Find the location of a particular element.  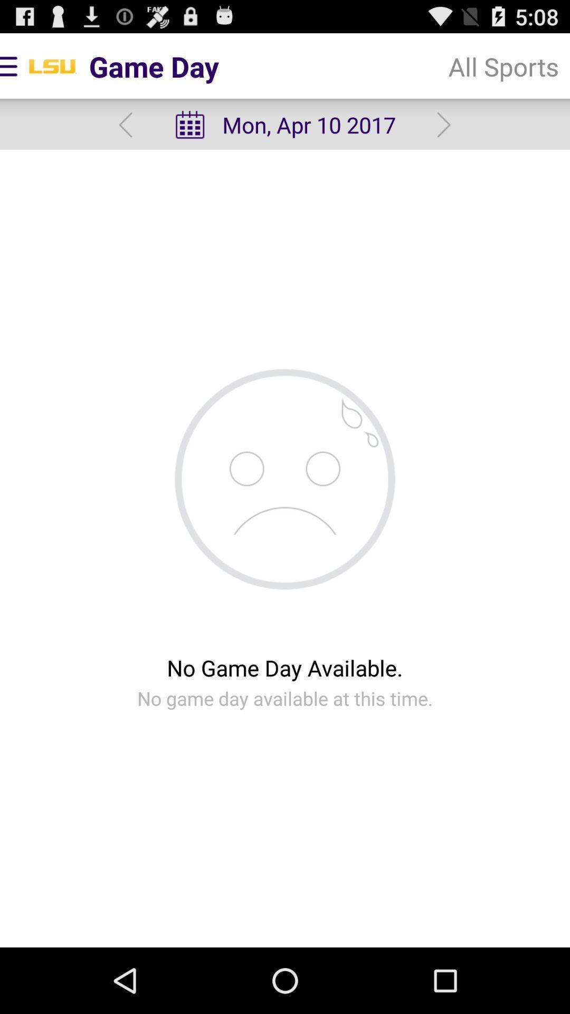

app next to the mon apr 10 is located at coordinates (503, 65).